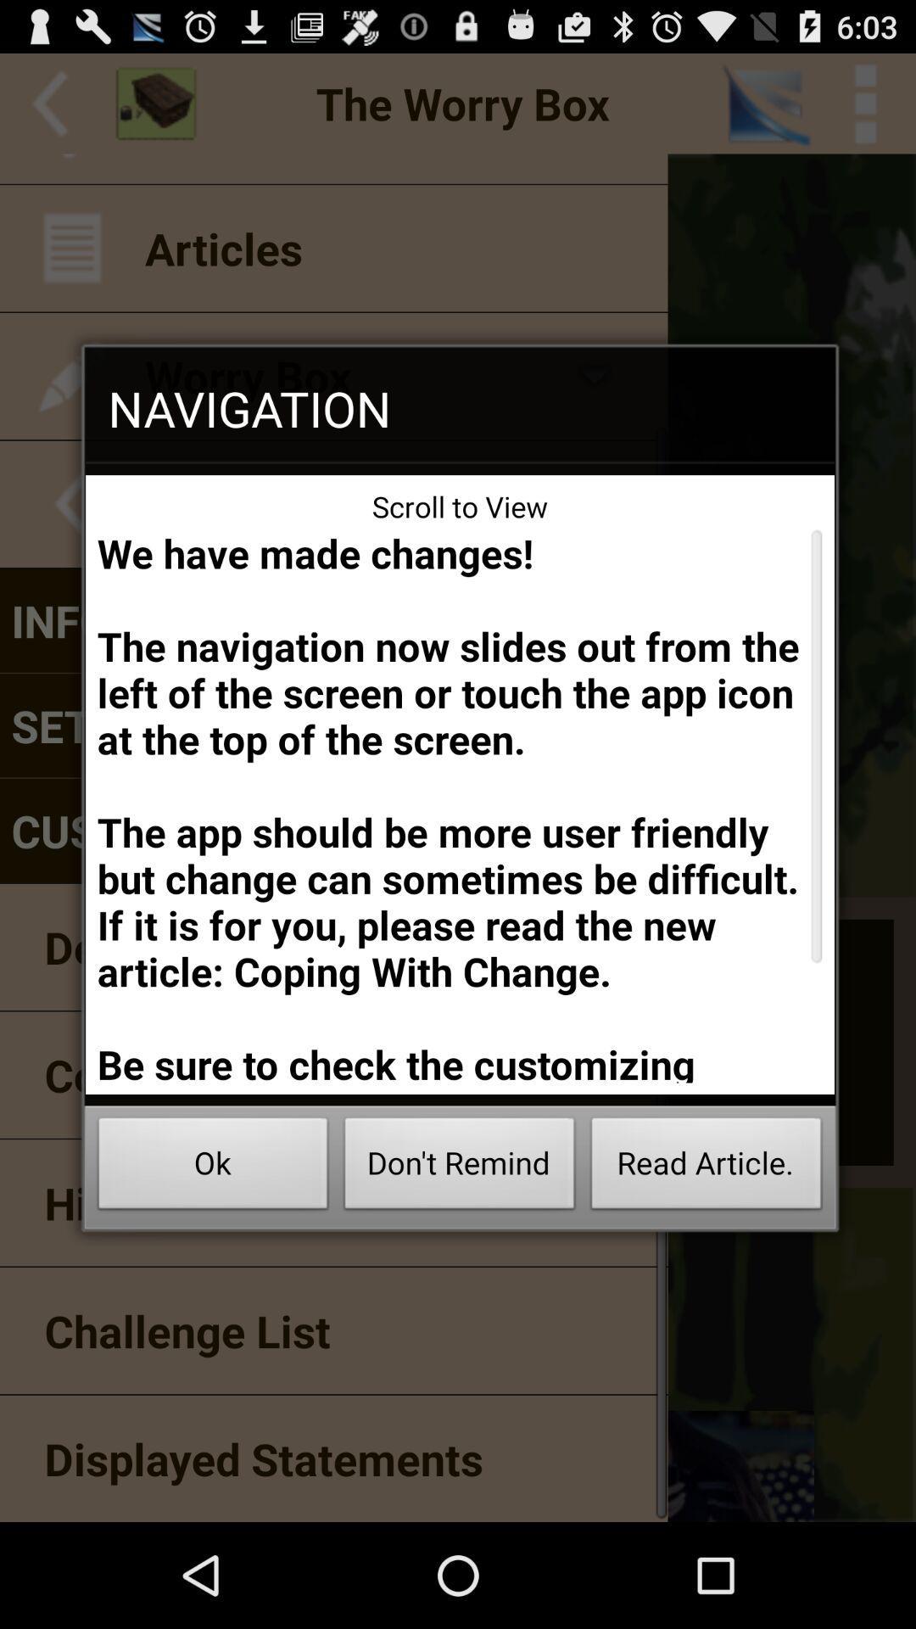  I want to click on the icon to the right of ok button, so click(460, 1167).